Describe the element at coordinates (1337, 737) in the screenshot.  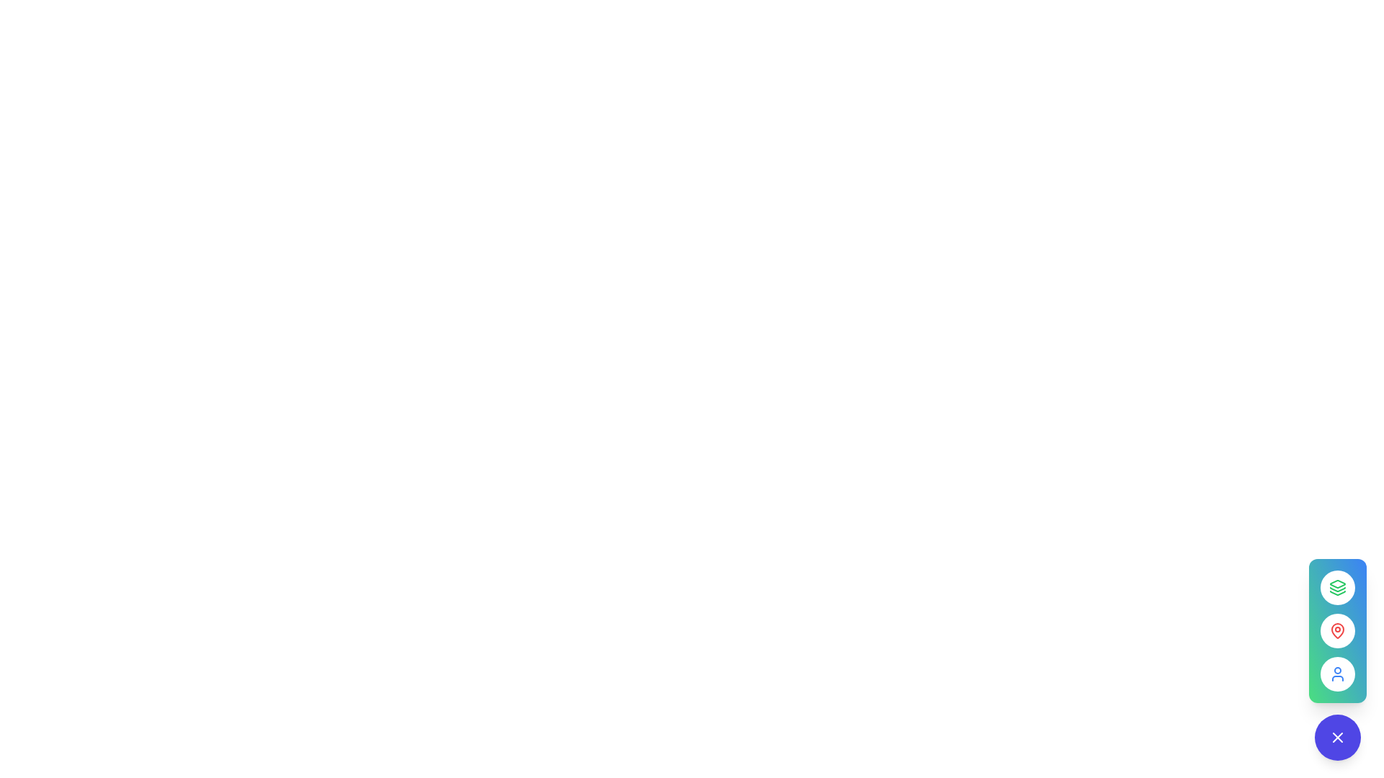
I see `the circular button with an indigo background and a white 'X' icon` at that location.